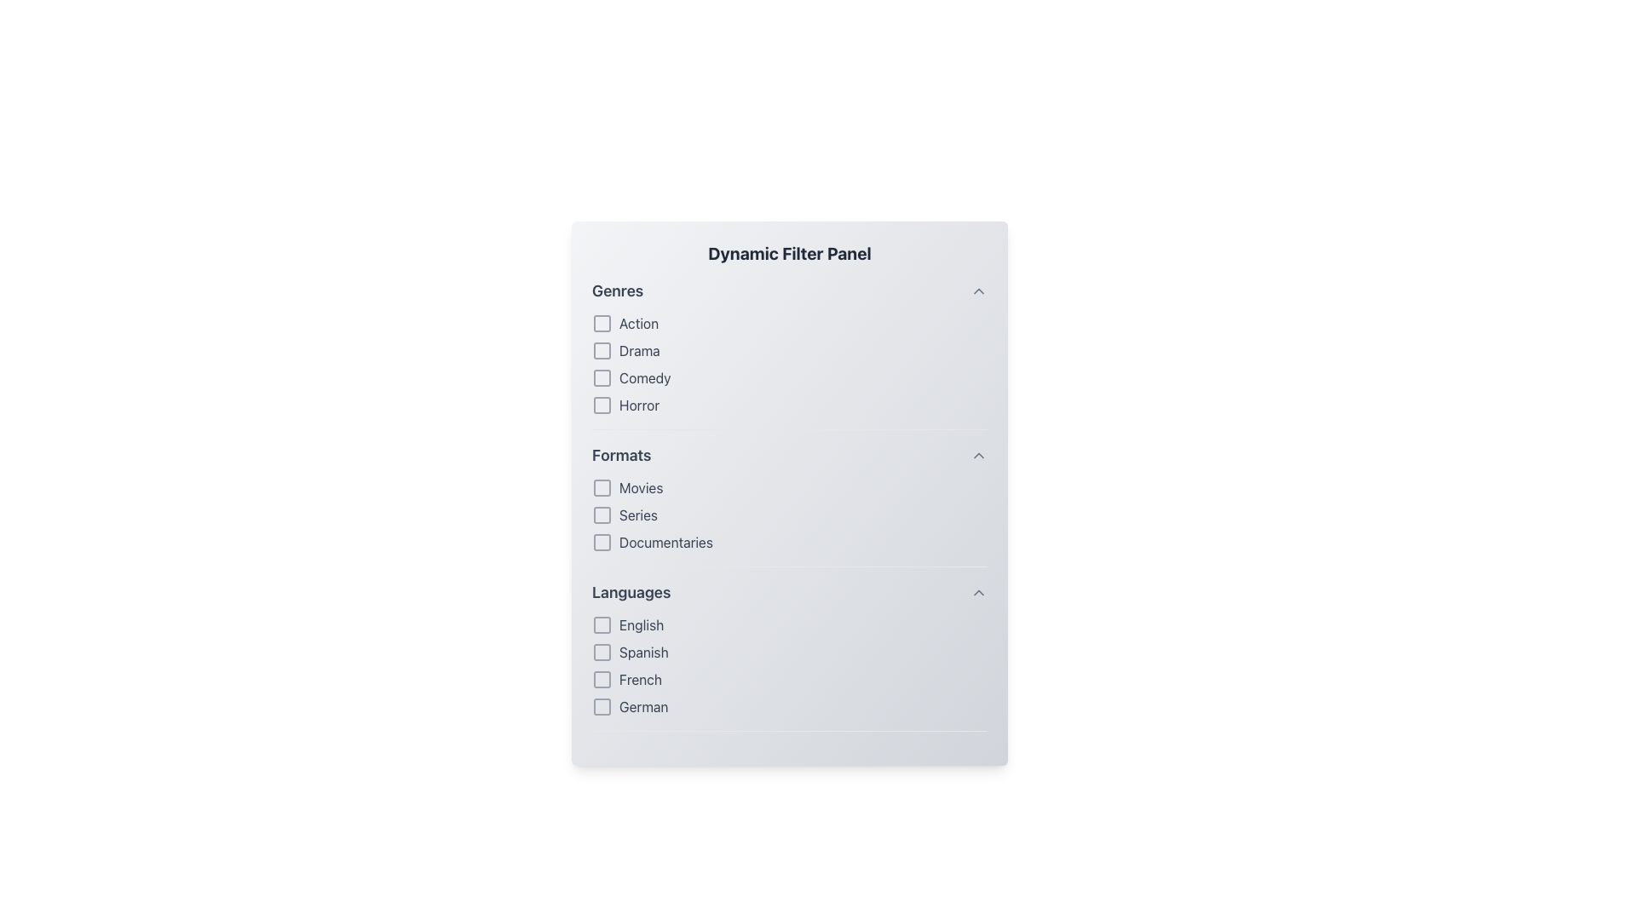 This screenshot has width=1636, height=920. I want to click on the Checkbox Indicator located in the 'Formats' section, which is to the left of the text 'Documentaries', so click(602, 542).